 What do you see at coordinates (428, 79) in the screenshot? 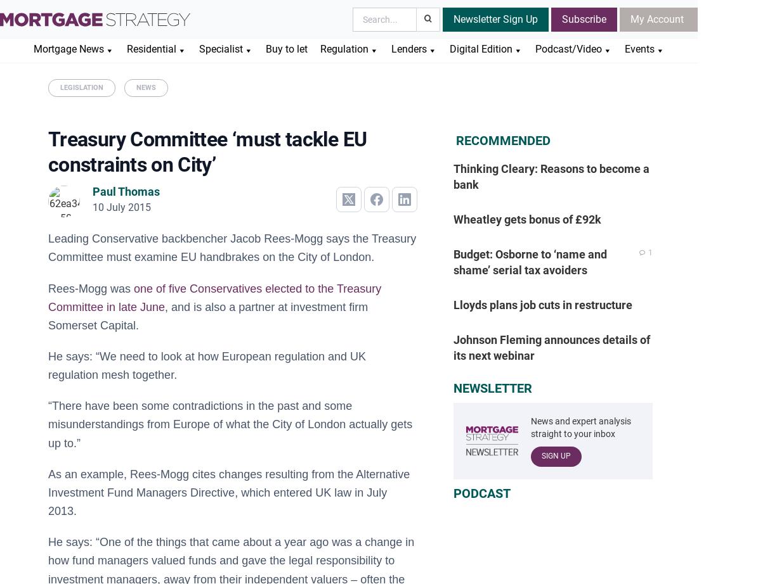
I see `'Lending Strategy'` at bounding box center [428, 79].